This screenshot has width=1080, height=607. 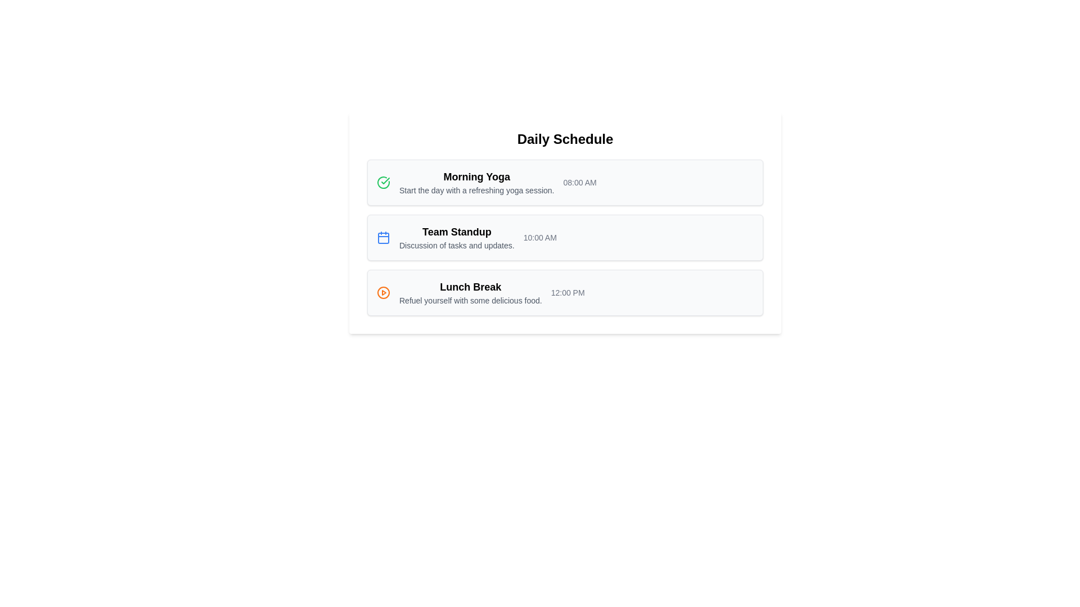 I want to click on the vertical list group displaying scheduled events for the day, so click(x=565, y=237).